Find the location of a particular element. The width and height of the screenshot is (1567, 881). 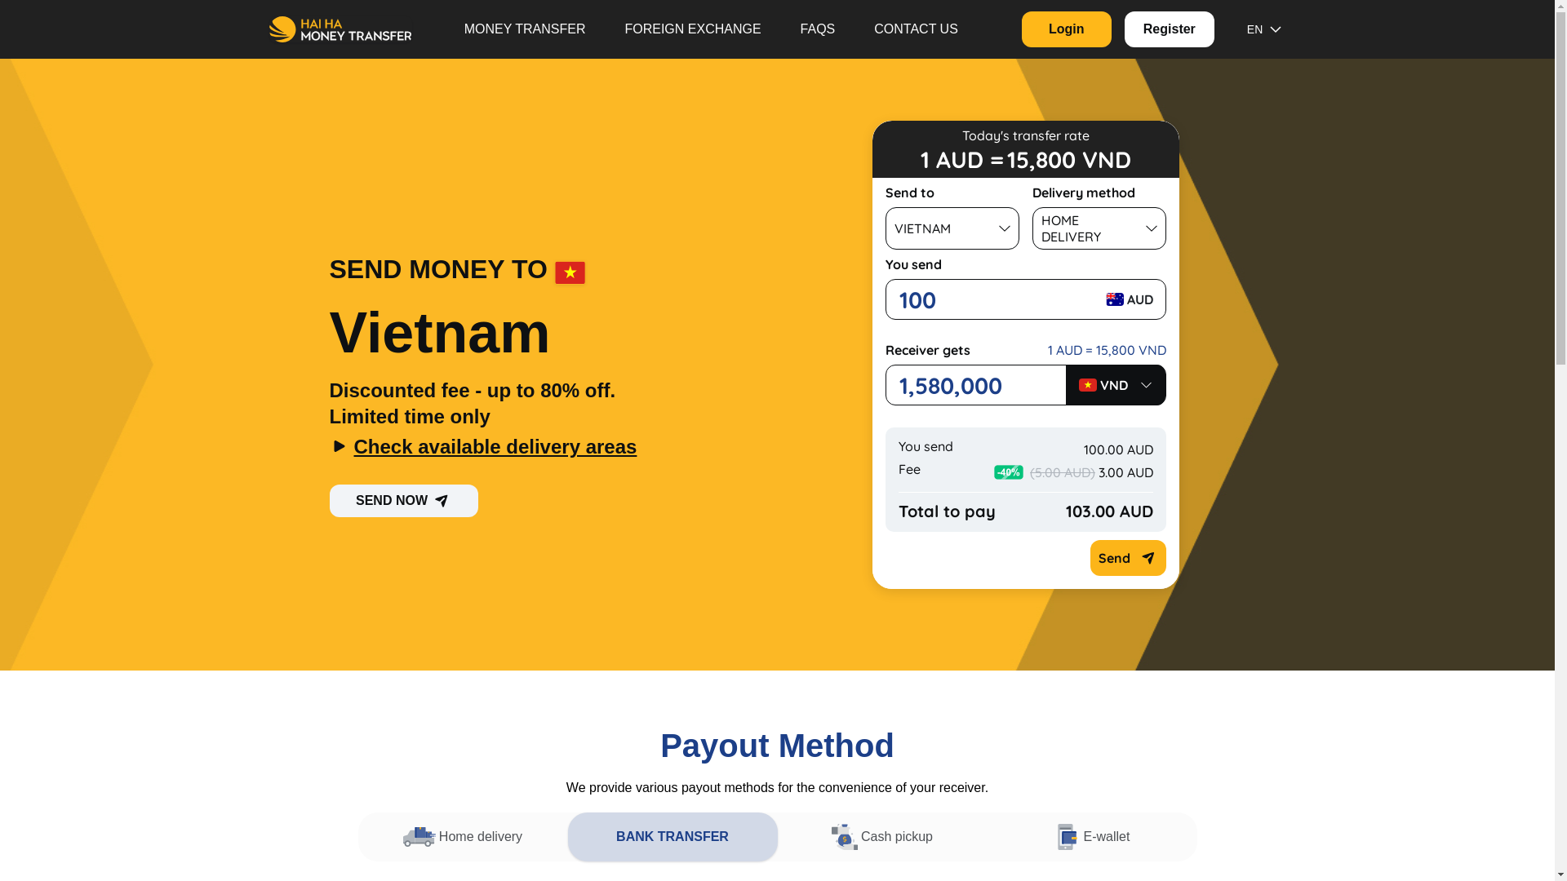

'BANK TRANSFER' is located at coordinates (673, 837).